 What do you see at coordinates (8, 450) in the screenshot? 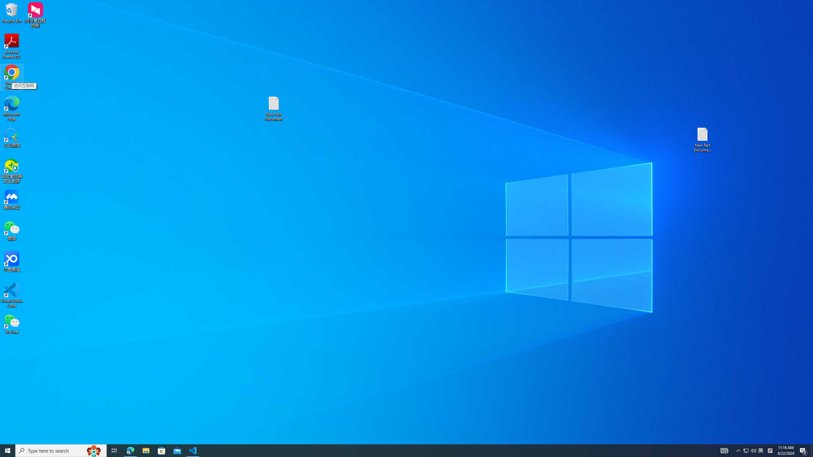
I see `'Start'` at bounding box center [8, 450].